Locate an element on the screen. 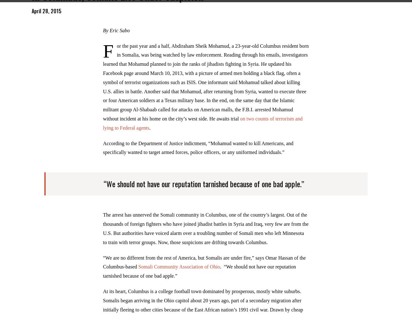 This screenshot has width=412, height=314. 'According to the Department of Justice indictment, “Mohamud wanted to kill Americans, and specifically wanted to target armed forces, police officers, or any uniformed individuals.”' is located at coordinates (198, 152).